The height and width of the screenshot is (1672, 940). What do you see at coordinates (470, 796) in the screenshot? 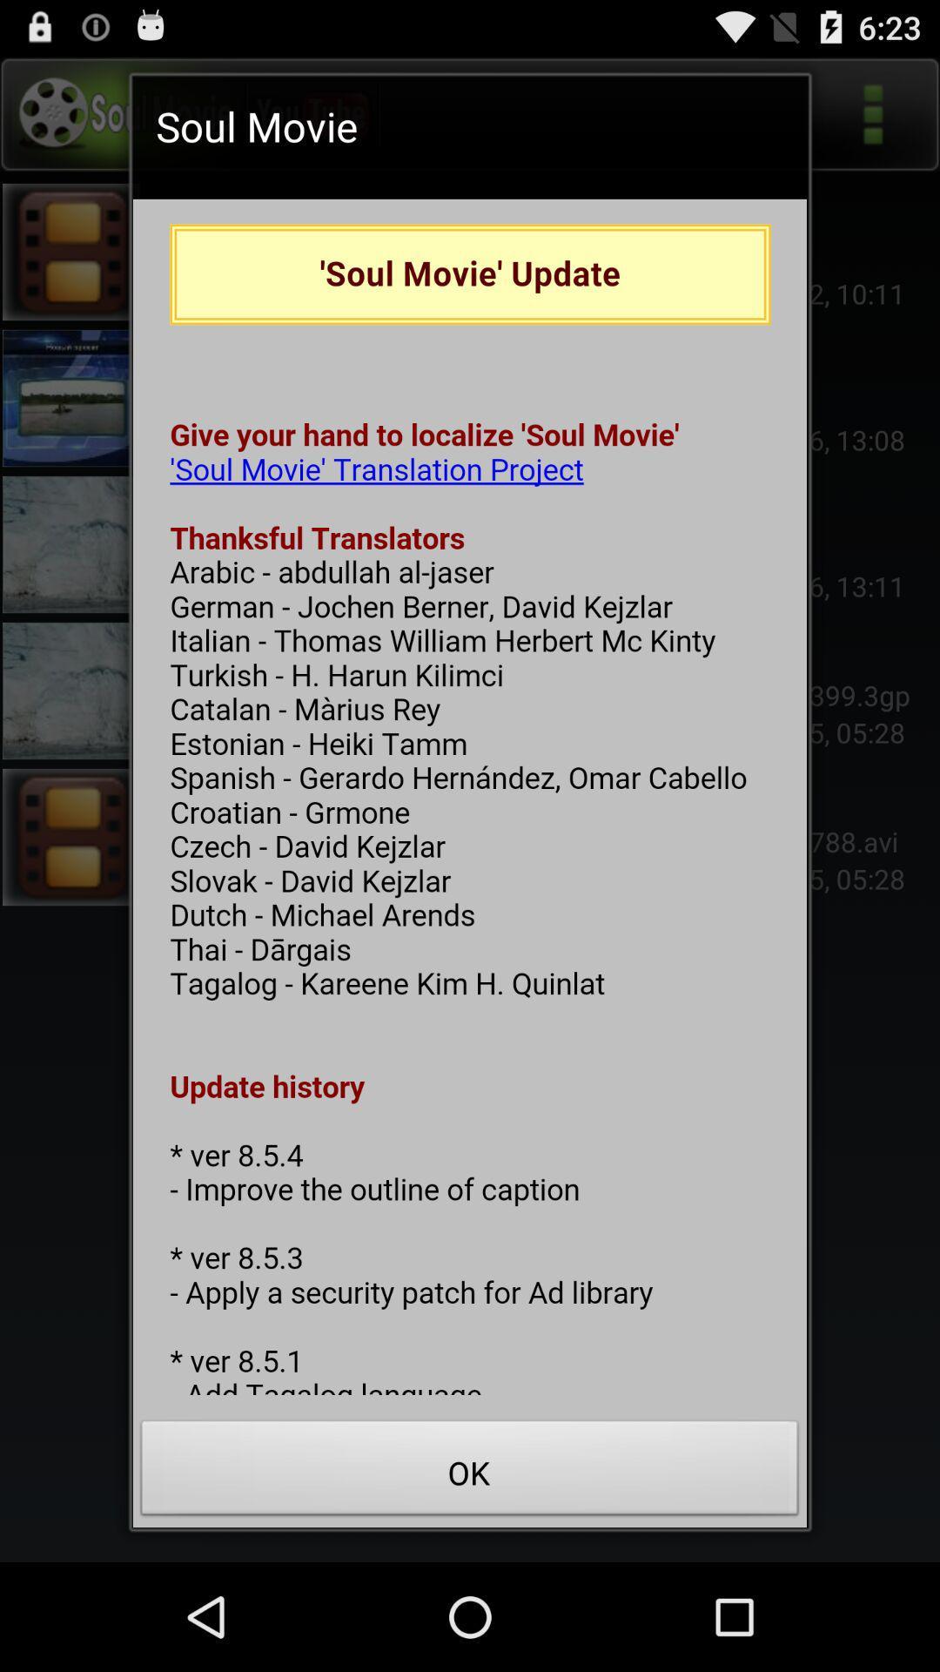
I see `share the article` at bounding box center [470, 796].